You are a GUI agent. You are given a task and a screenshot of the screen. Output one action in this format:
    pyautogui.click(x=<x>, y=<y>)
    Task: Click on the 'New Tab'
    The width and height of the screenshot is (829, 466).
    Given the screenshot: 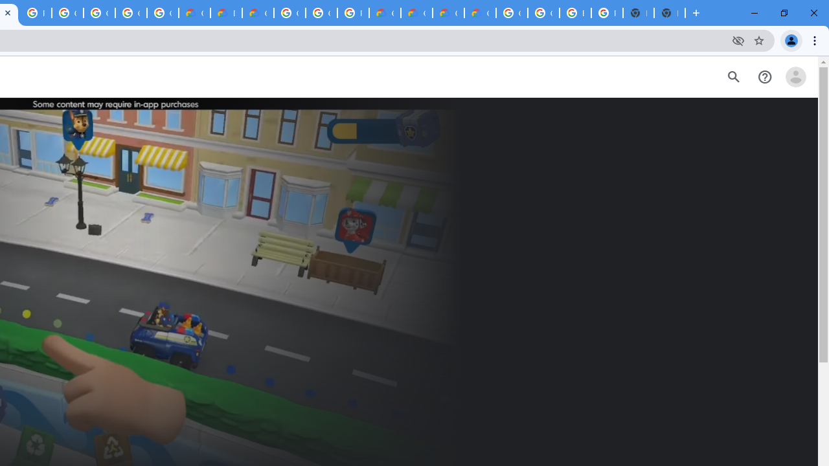 What is the action you would take?
    pyautogui.click(x=670, y=13)
    